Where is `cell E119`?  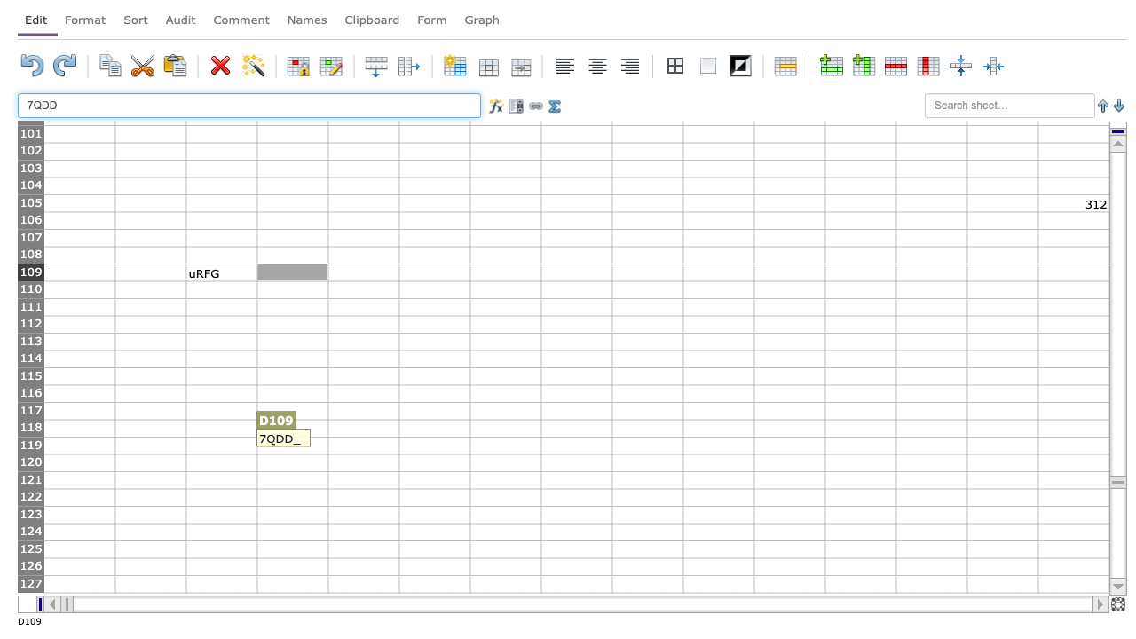 cell E119 is located at coordinates (362, 445).